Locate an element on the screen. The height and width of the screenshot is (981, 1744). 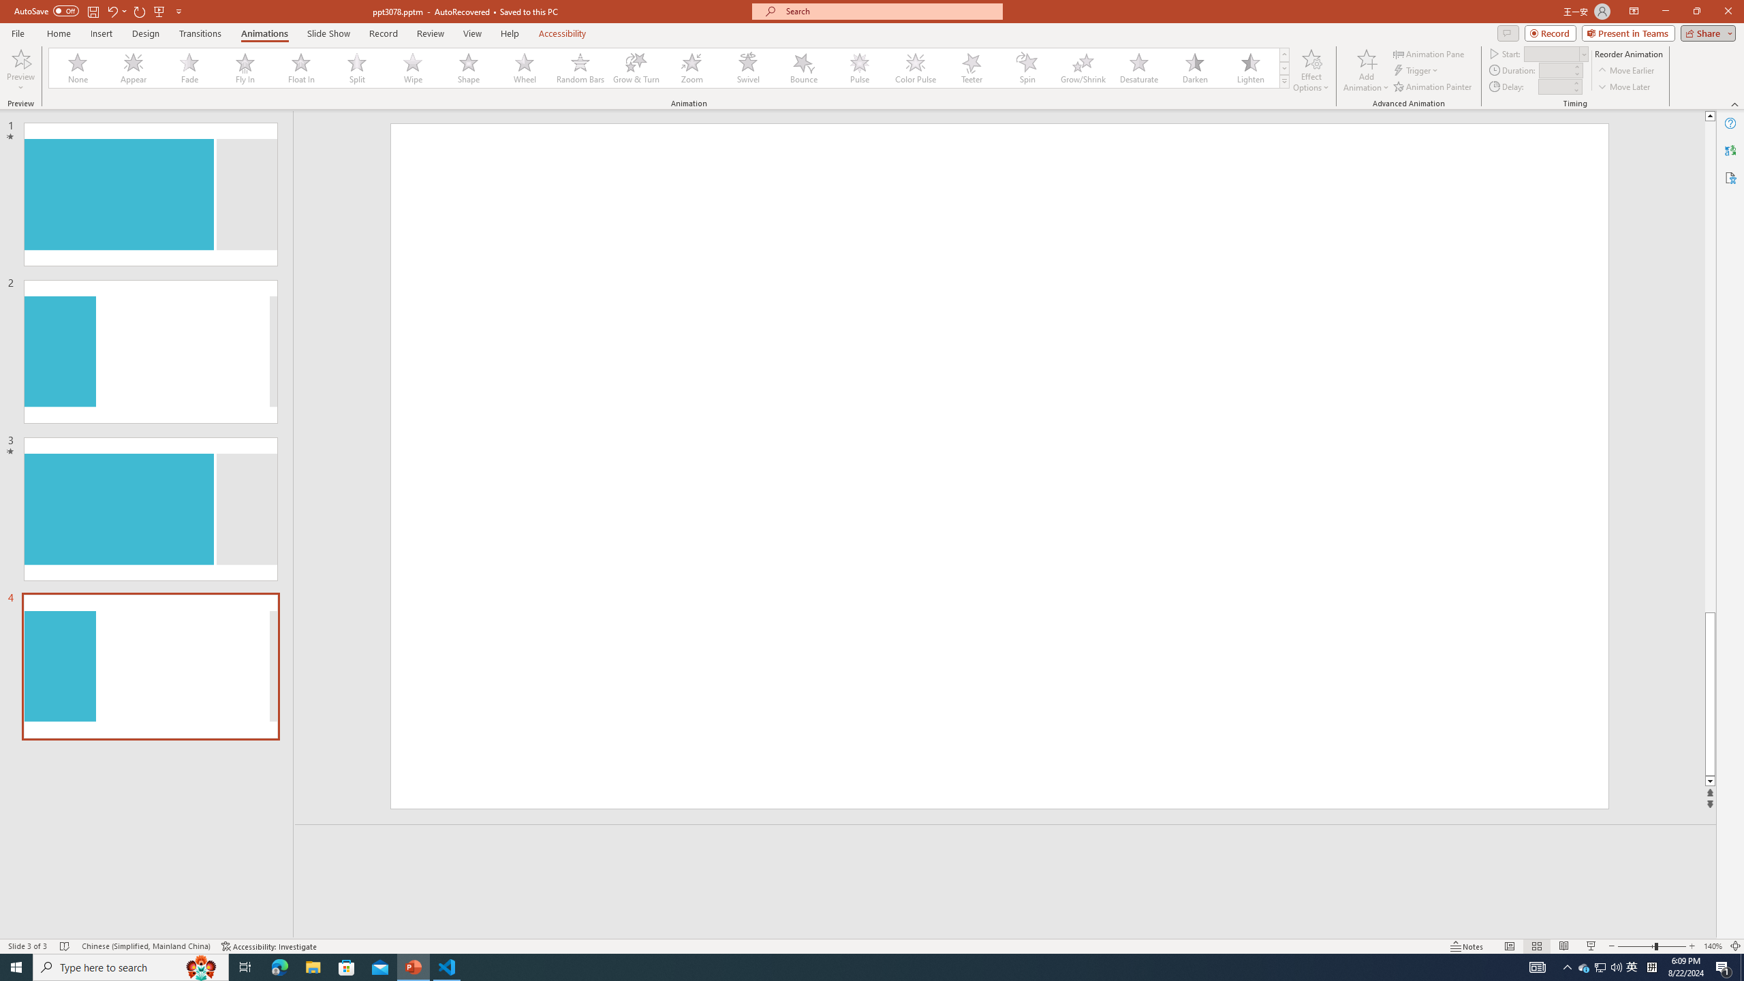
'Animation Pane' is located at coordinates (1430, 53).